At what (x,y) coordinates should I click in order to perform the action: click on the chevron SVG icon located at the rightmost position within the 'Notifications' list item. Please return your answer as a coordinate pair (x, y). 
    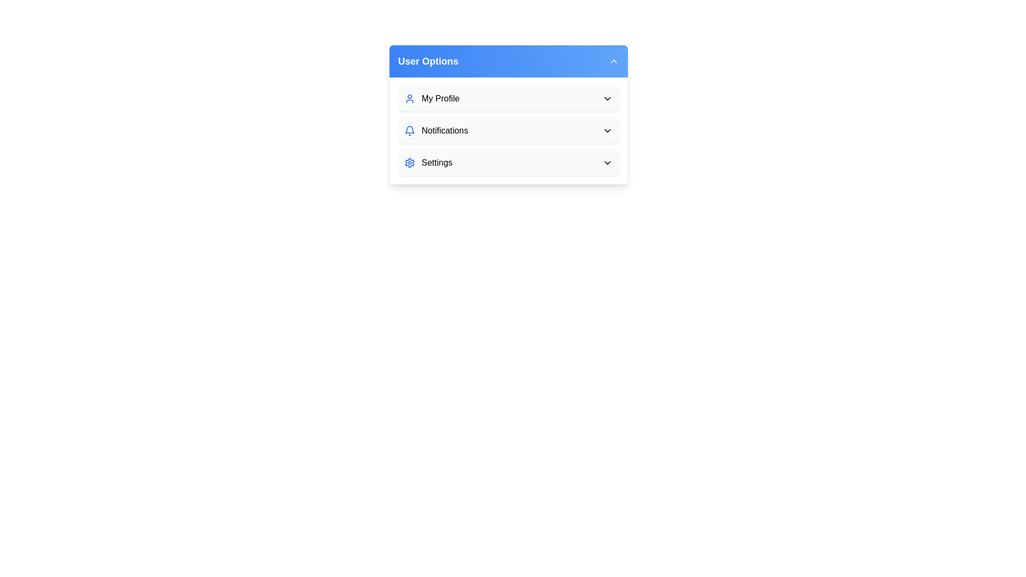
    Looking at the image, I should click on (608, 130).